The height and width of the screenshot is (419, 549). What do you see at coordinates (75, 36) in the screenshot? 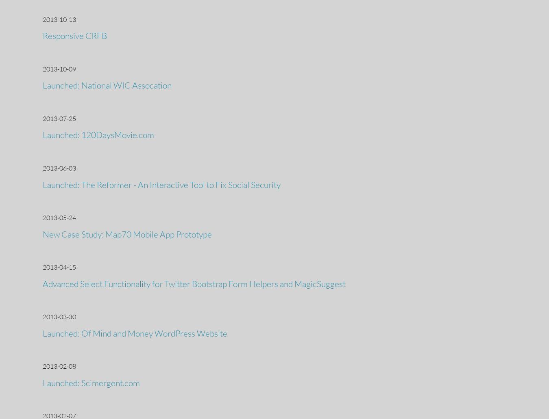
I see `'Responsive CRFB'` at bounding box center [75, 36].